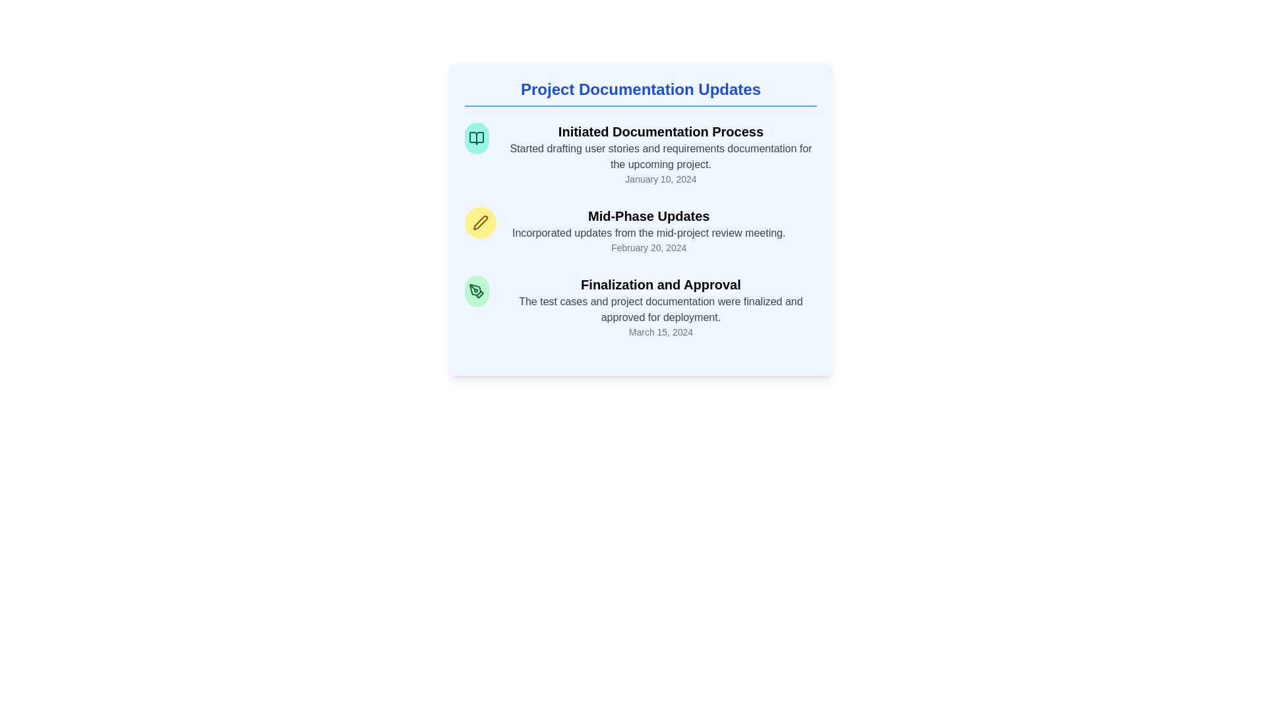 The image size is (1266, 712). Describe the element at coordinates (479, 294) in the screenshot. I see `the small green circular graphic with a darker green border, which is the third icon in the list under 'Finalization and Approval.'` at that location.